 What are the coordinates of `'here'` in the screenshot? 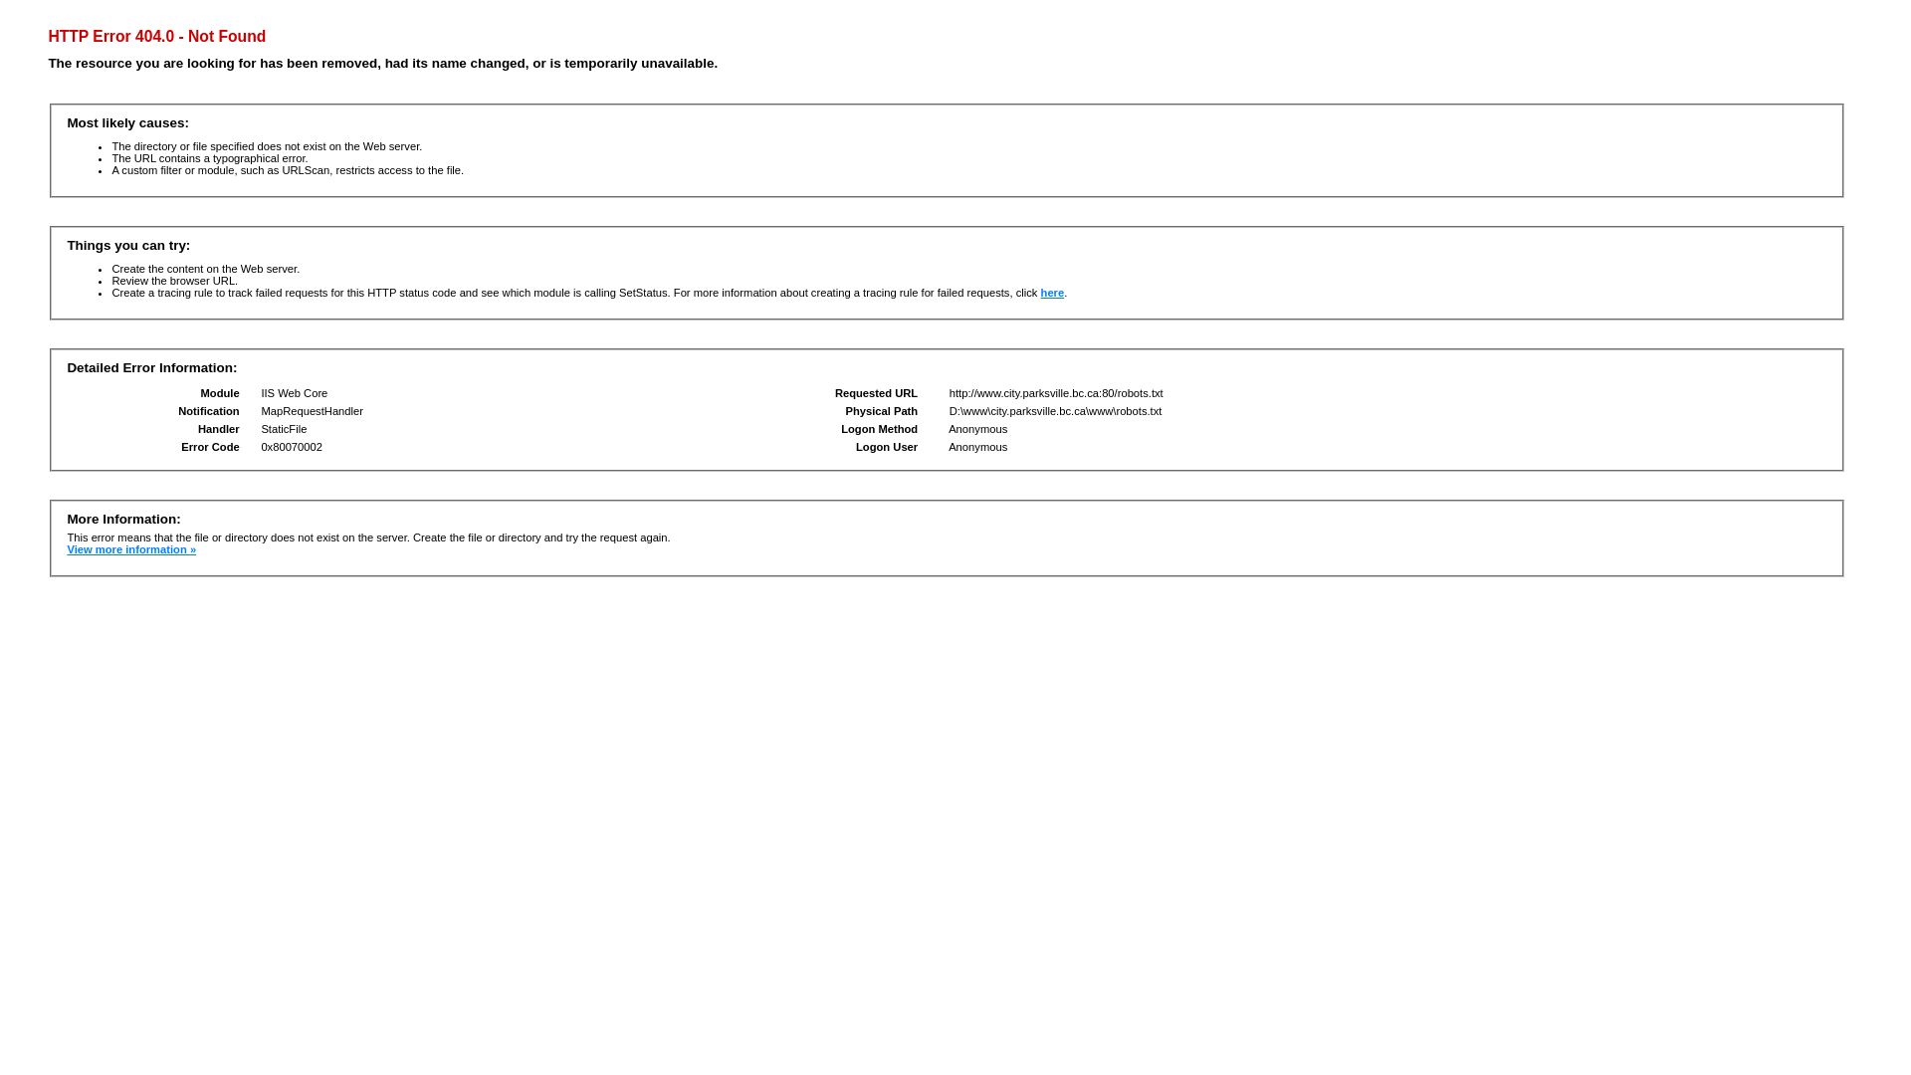 It's located at (1051, 292).